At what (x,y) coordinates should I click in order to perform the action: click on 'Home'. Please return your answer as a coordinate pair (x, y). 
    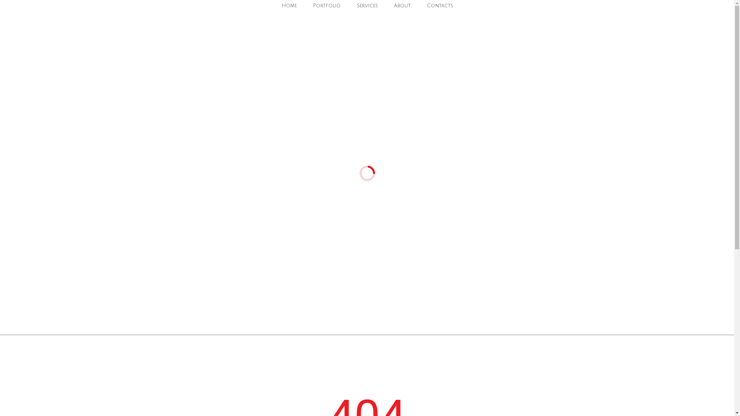
    Looking at the image, I should click on (277, 6).